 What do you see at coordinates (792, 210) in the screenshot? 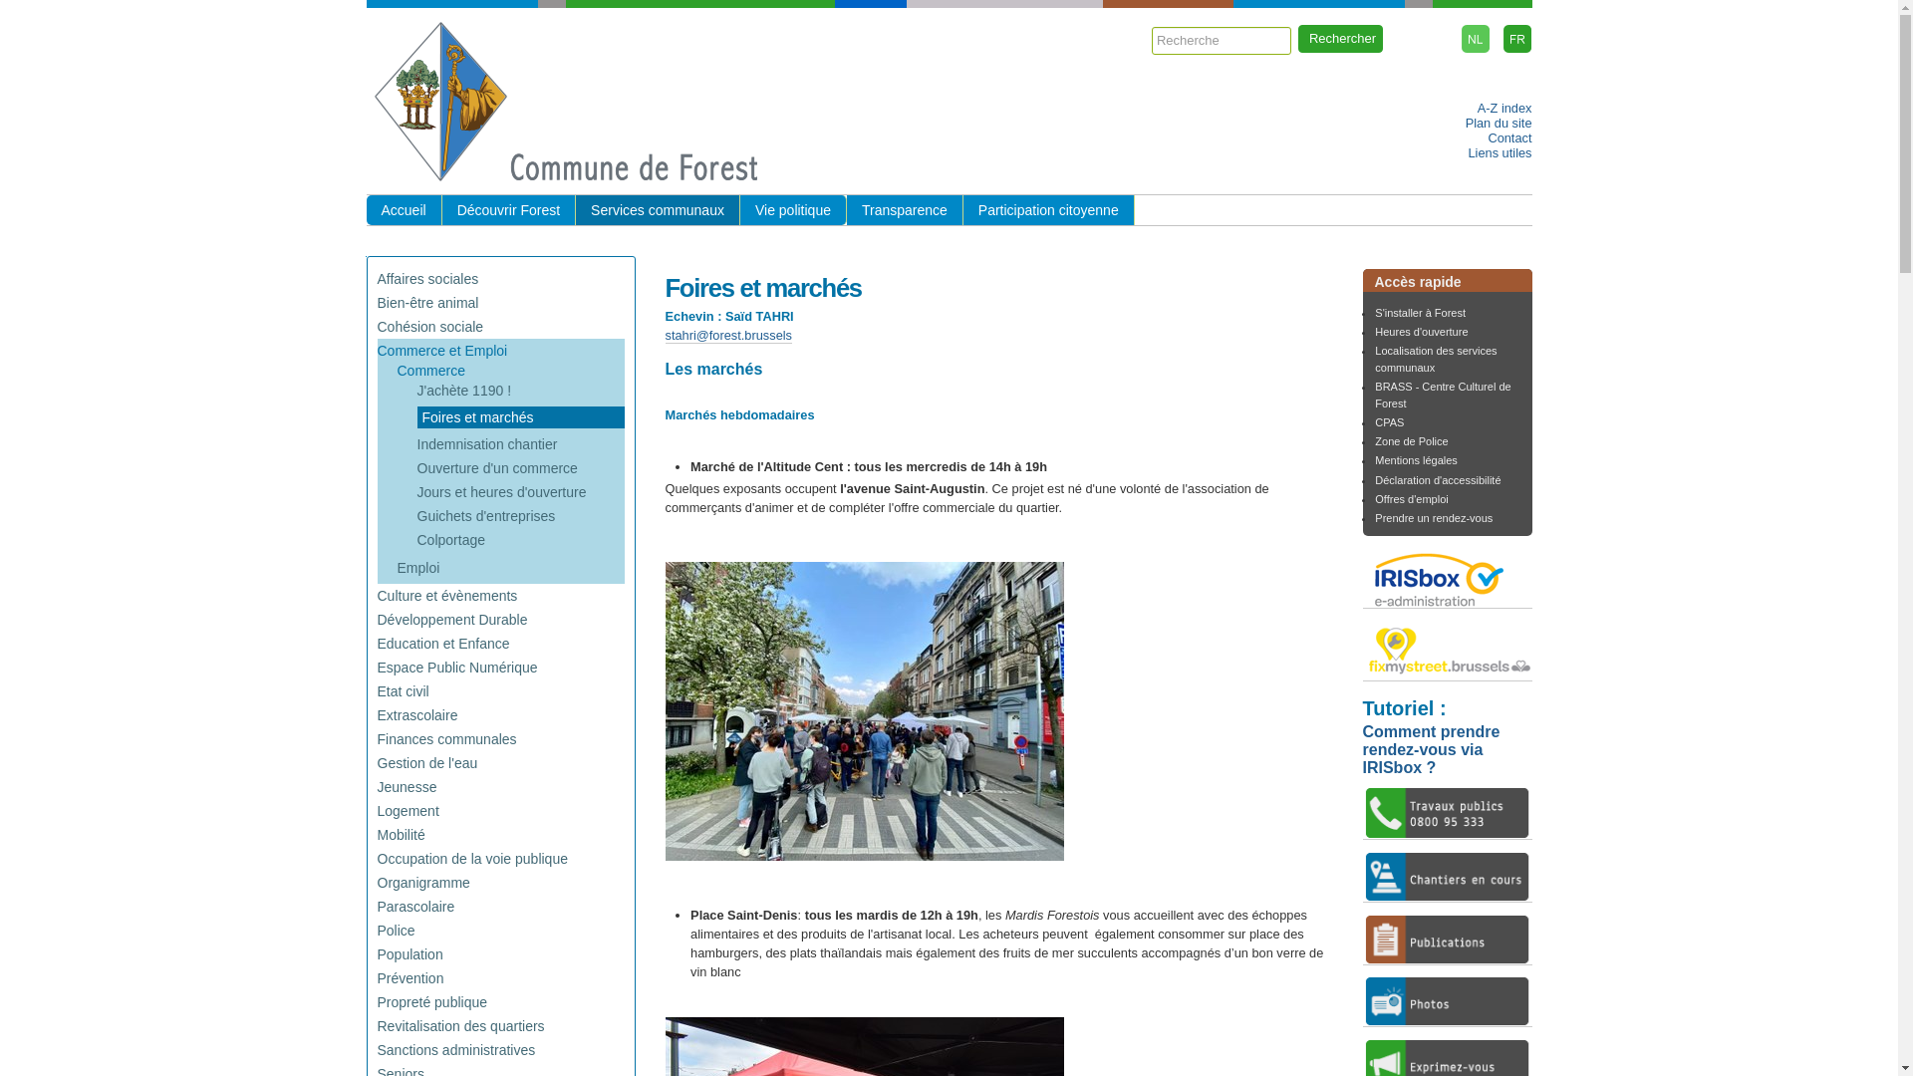
I see `'Vie politique'` at bounding box center [792, 210].